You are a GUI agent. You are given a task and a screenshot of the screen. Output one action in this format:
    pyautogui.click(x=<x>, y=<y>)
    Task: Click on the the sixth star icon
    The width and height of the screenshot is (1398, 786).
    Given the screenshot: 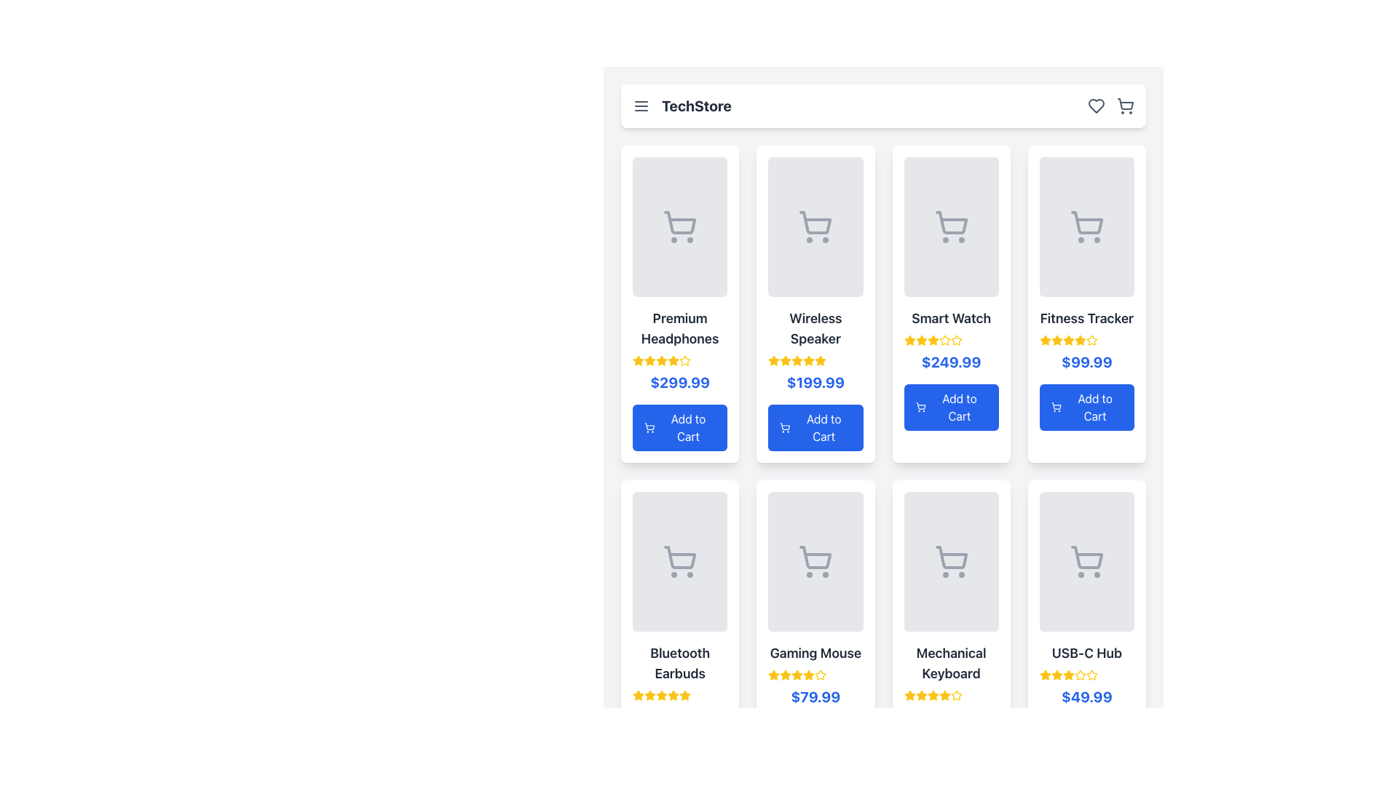 What is the action you would take?
    pyautogui.click(x=1080, y=675)
    